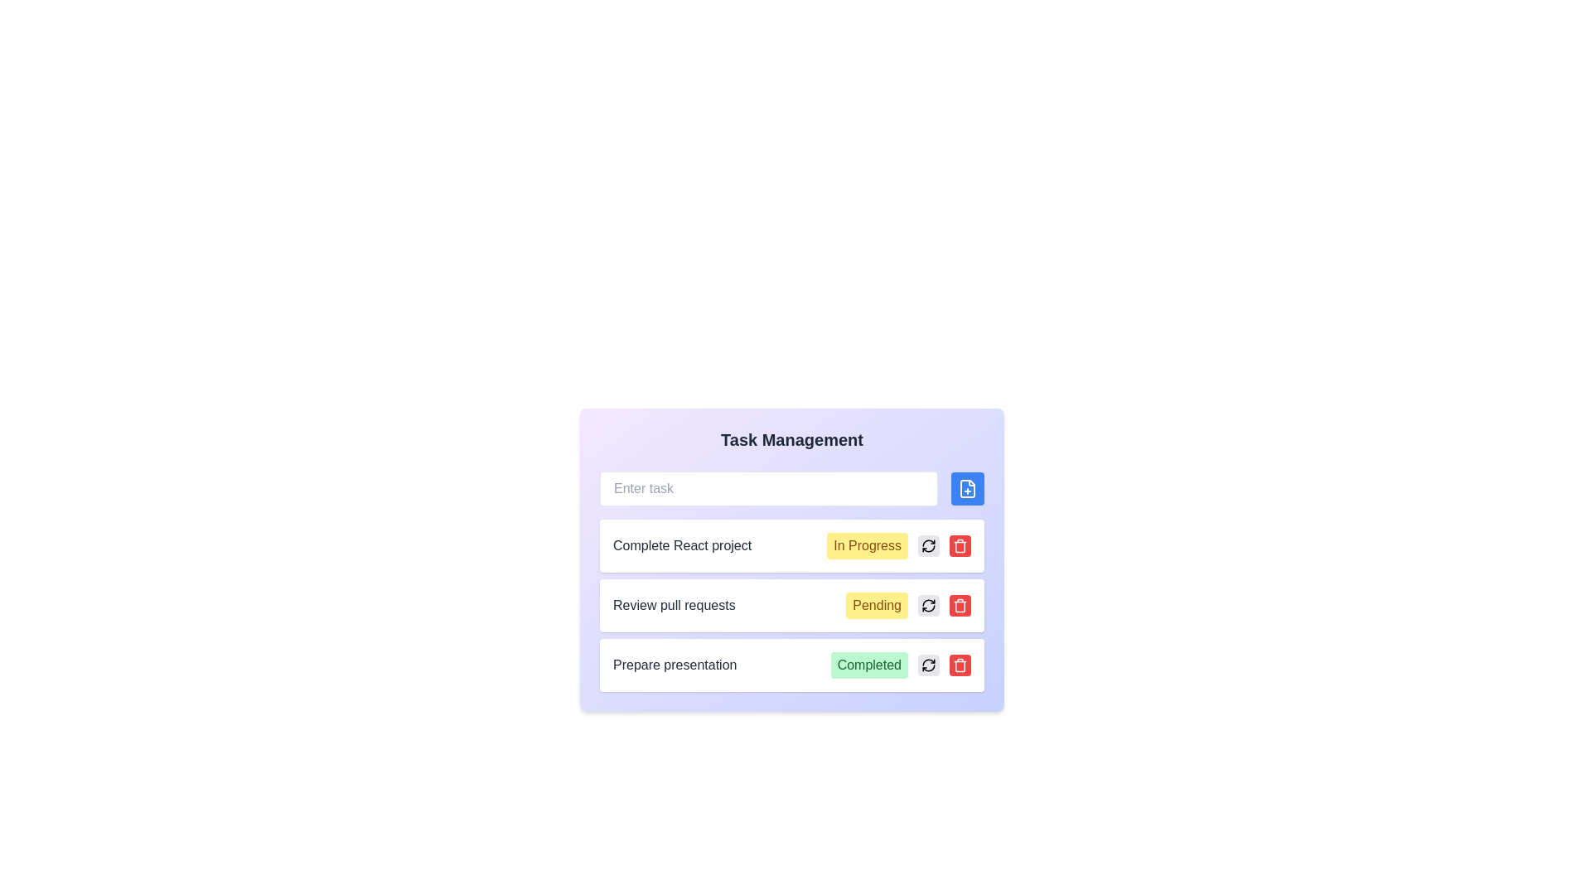 Image resolution: width=1591 pixels, height=895 pixels. Describe the element at coordinates (929, 546) in the screenshot. I see `the refresh button for the task labeled 'Complete React project'` at that location.